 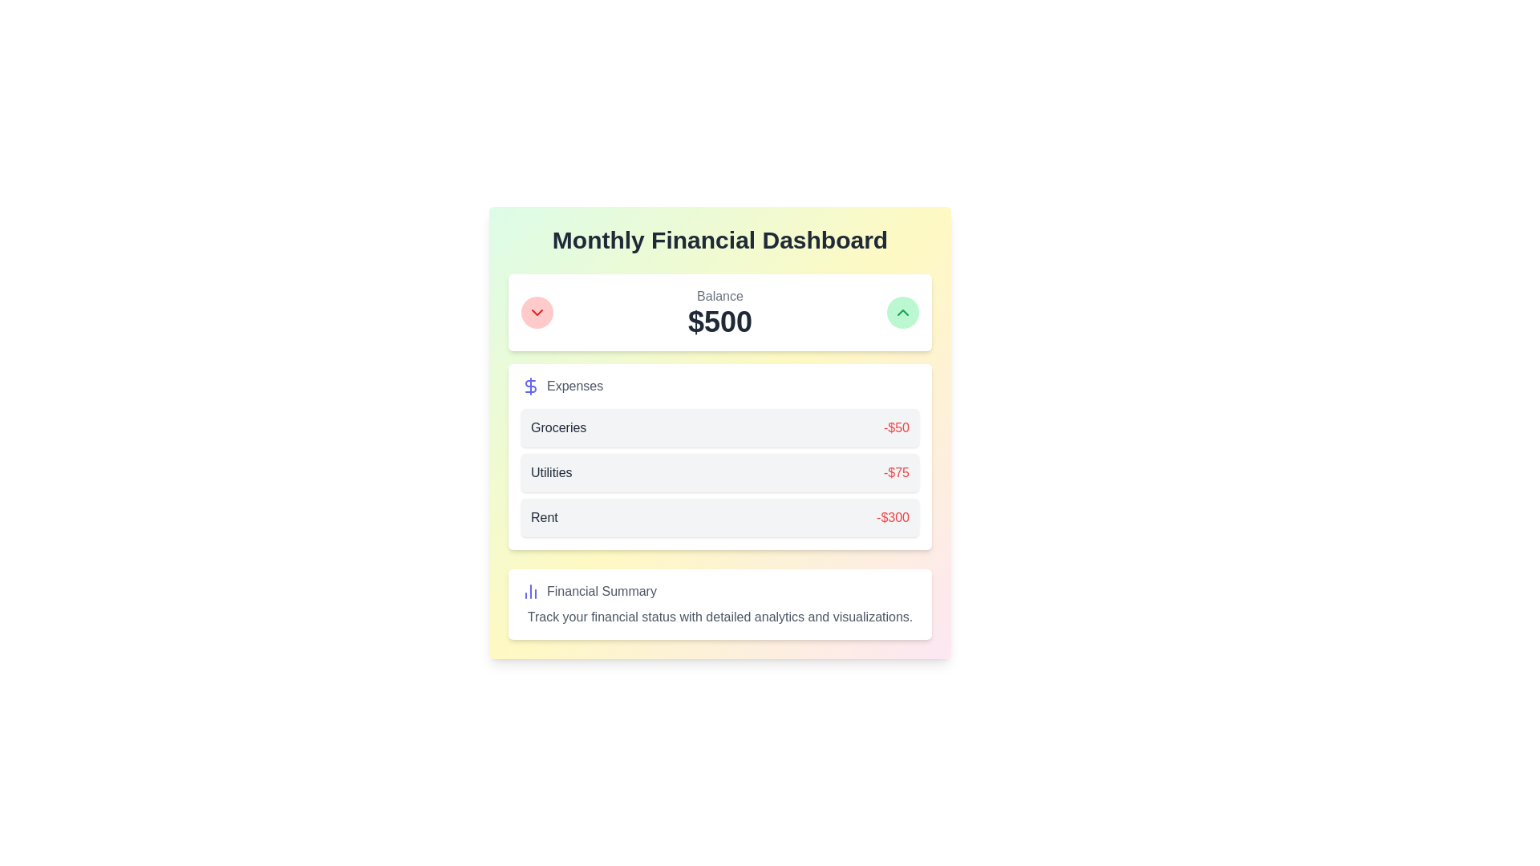 What do you see at coordinates (531, 591) in the screenshot?
I see `the leftmost icon representing the 'Financial Summary' section to interact with the financial details` at bounding box center [531, 591].